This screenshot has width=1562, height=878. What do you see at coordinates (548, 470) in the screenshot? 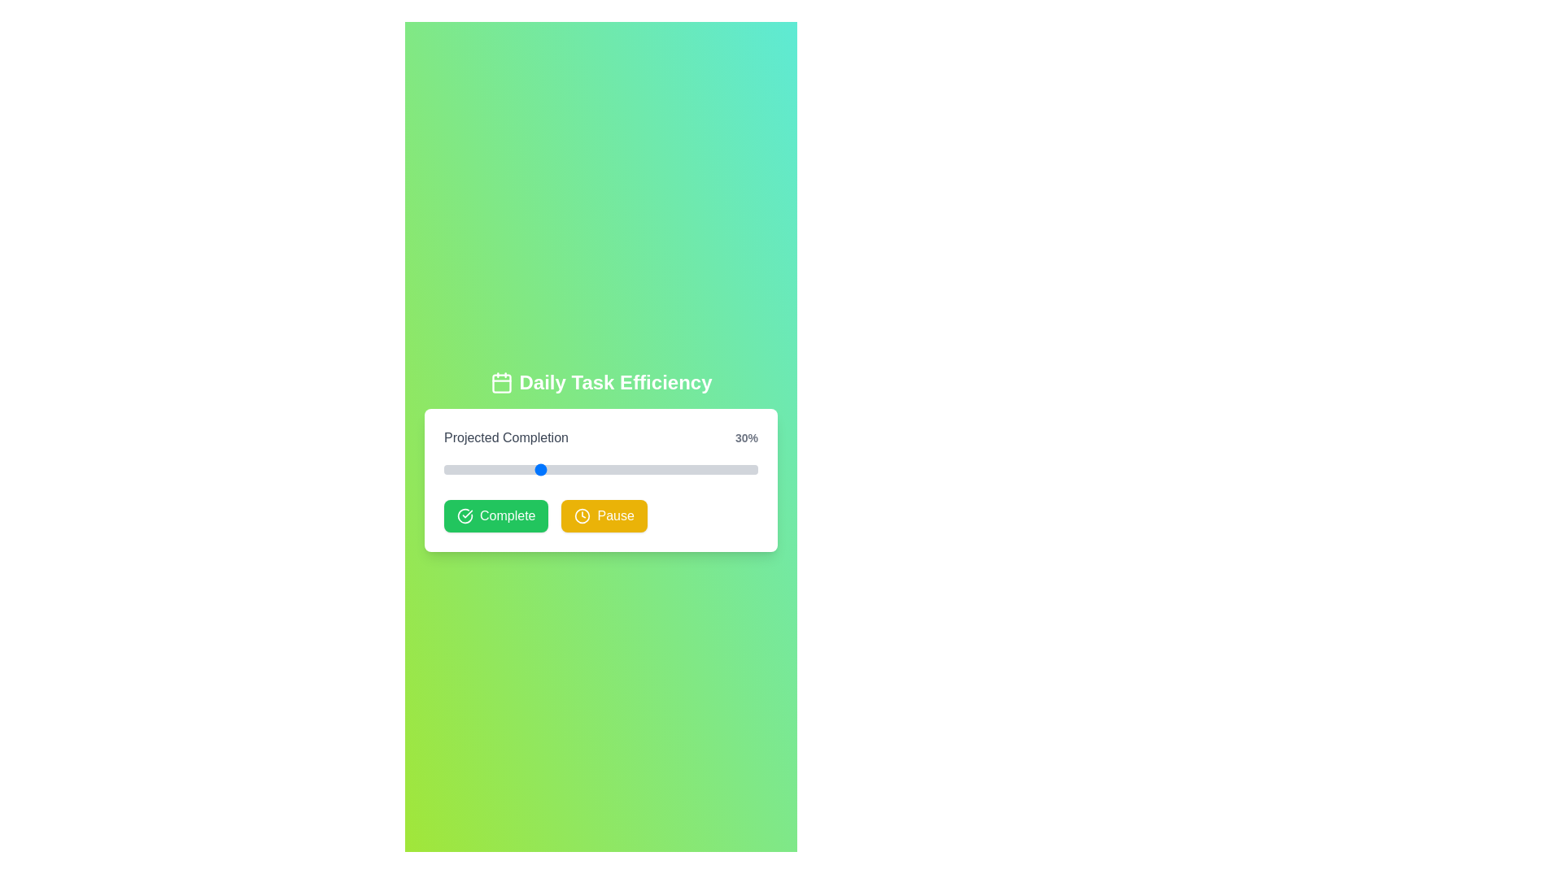
I see `the progress slider to 33%` at bounding box center [548, 470].